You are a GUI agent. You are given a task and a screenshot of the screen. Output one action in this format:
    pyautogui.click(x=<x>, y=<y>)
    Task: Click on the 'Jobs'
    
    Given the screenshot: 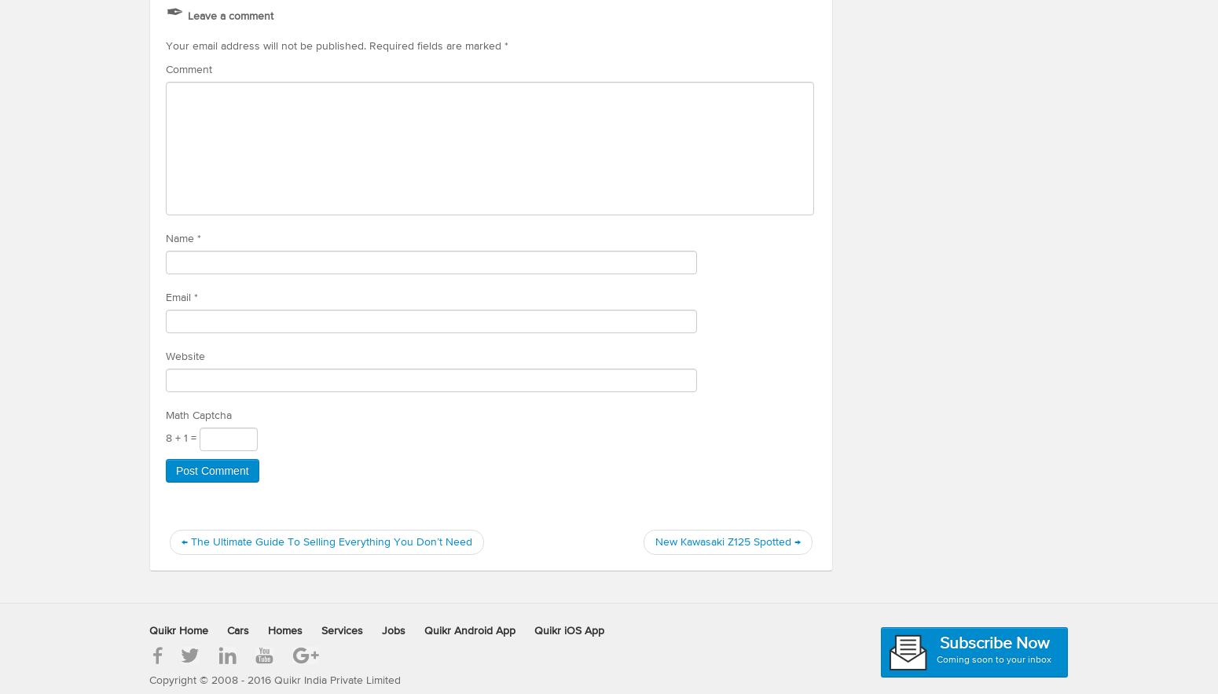 What is the action you would take?
    pyautogui.click(x=392, y=630)
    